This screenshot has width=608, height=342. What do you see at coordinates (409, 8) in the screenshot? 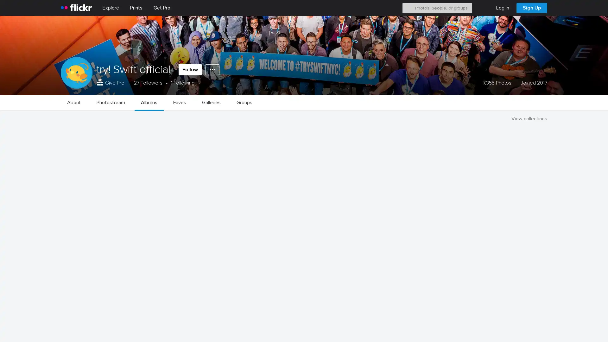
I see `Search` at bounding box center [409, 8].